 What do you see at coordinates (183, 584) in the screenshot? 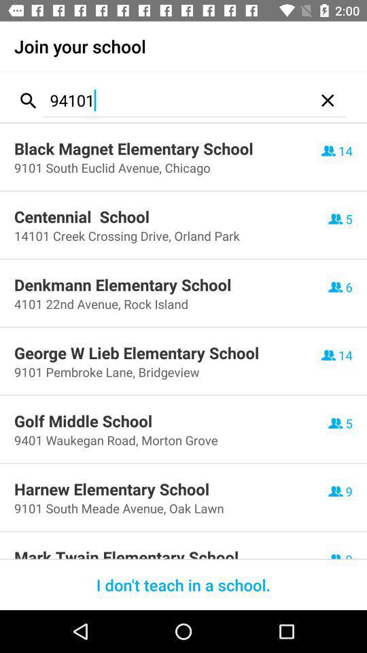
I see `the i don t` at bounding box center [183, 584].